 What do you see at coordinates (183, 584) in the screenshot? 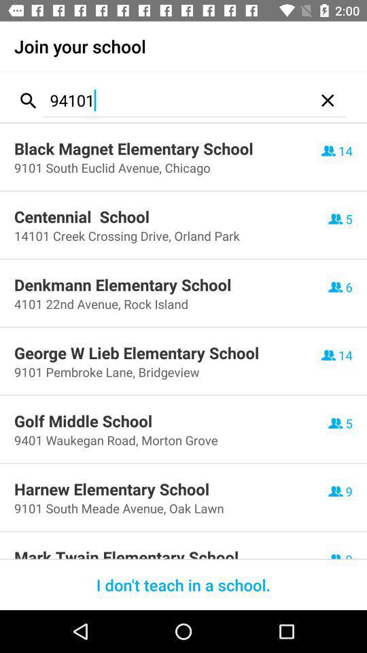
I see `the i don t` at bounding box center [183, 584].